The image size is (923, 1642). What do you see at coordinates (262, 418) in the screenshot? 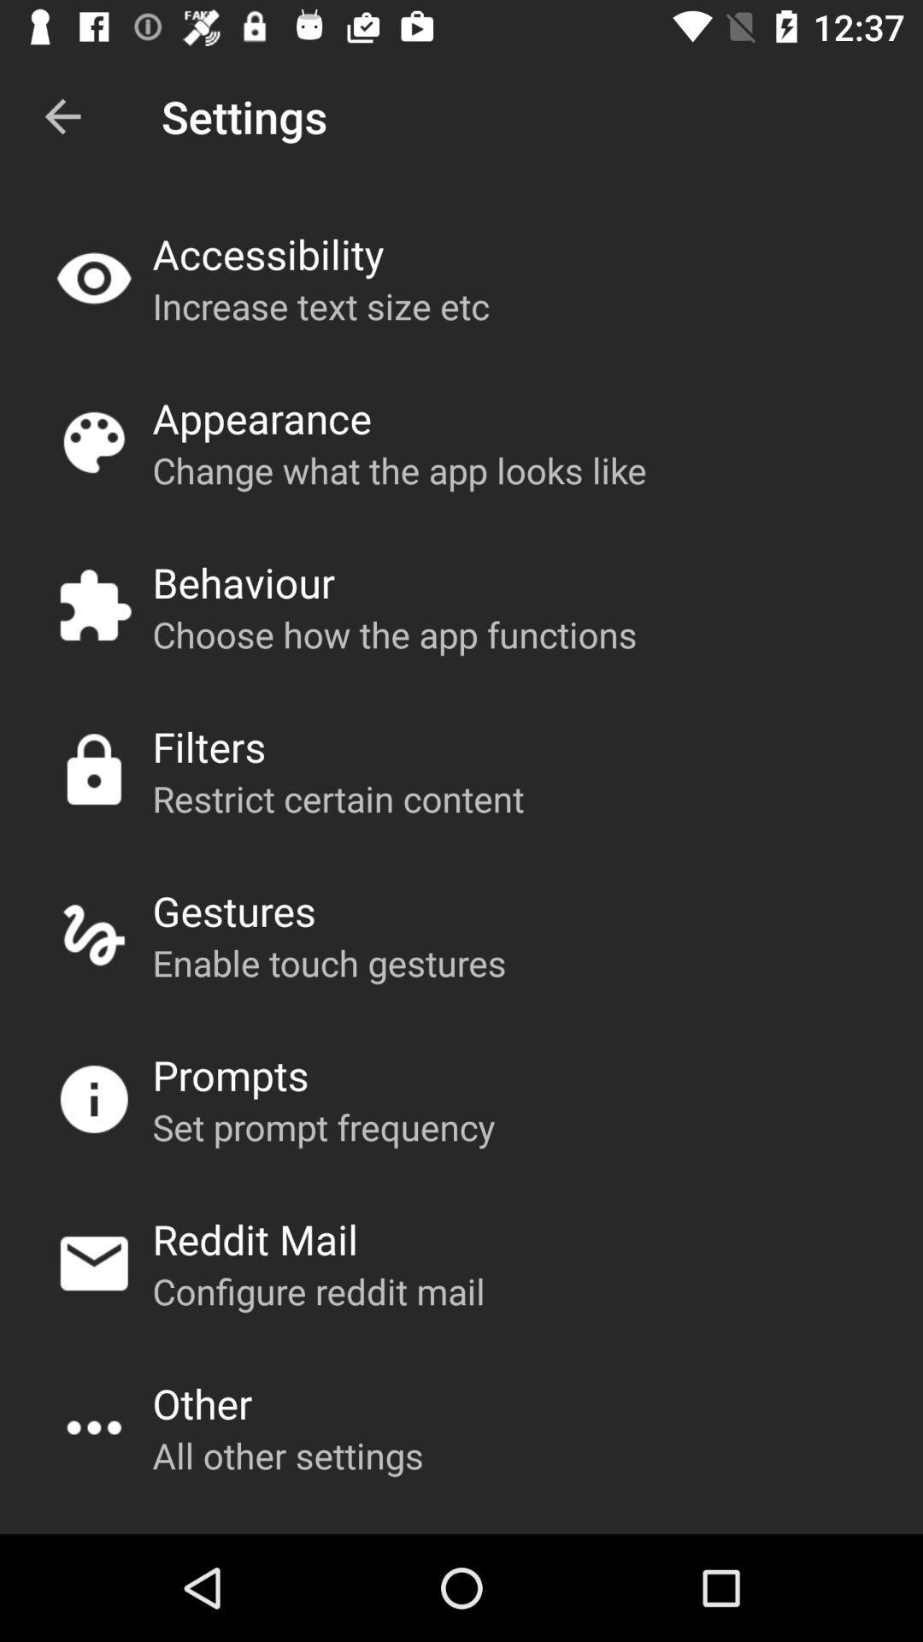
I see `the app below increase text size app` at bounding box center [262, 418].